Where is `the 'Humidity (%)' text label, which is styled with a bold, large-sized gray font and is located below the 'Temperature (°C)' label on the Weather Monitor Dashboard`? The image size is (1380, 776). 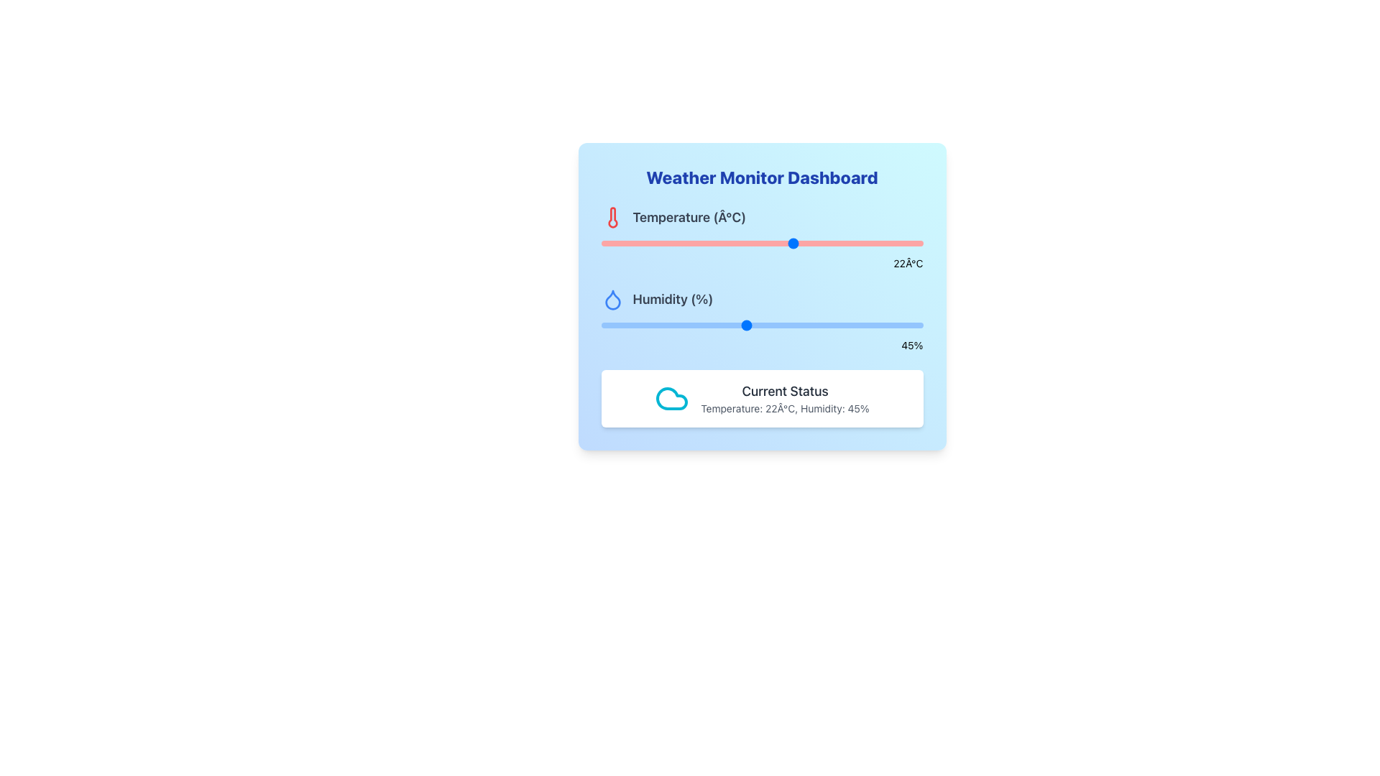 the 'Humidity (%)' text label, which is styled with a bold, large-sized gray font and is located below the 'Temperature (°C)' label on the Weather Monitor Dashboard is located at coordinates (672, 298).